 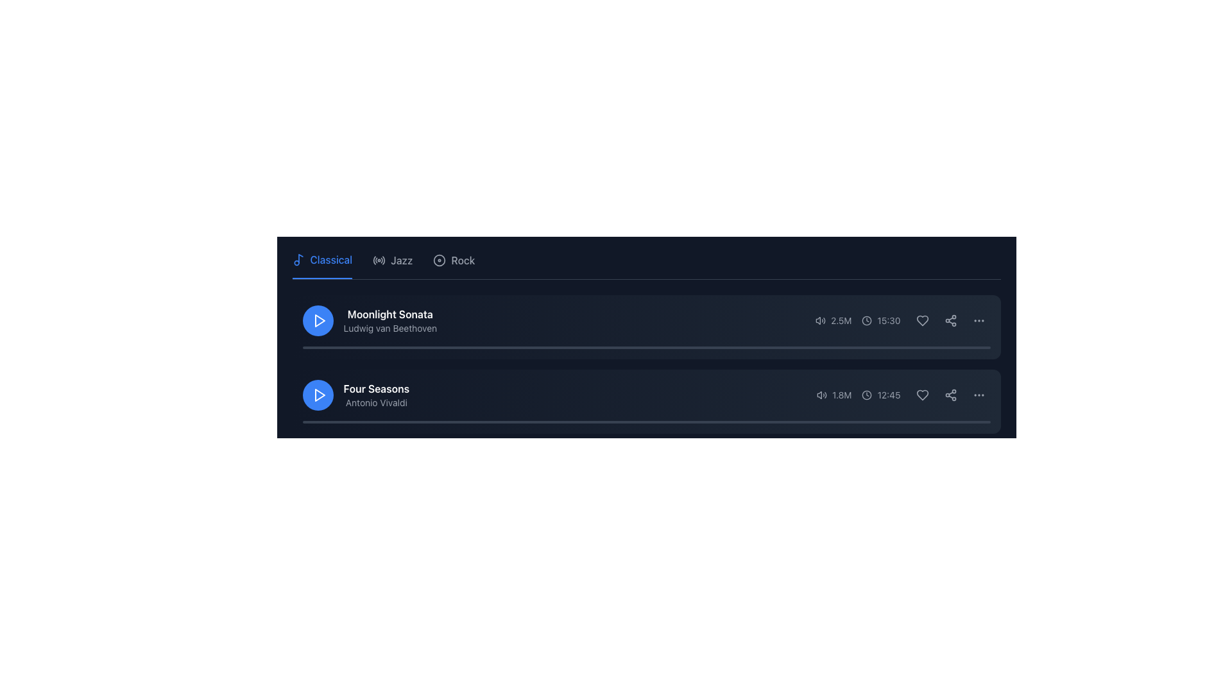 I want to click on the 'Rock' button, which is a circular icon followed by the text styled in gray, so click(x=454, y=264).